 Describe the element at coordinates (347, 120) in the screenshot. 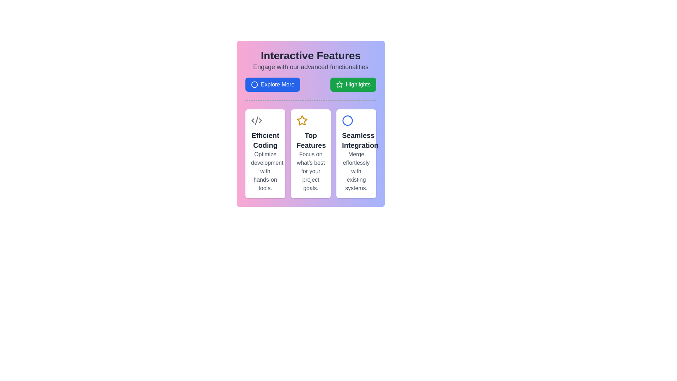

I see `the decorative icon that complements the 'Seamless Integration' card, which is located at the top section of the third card from the left` at that location.